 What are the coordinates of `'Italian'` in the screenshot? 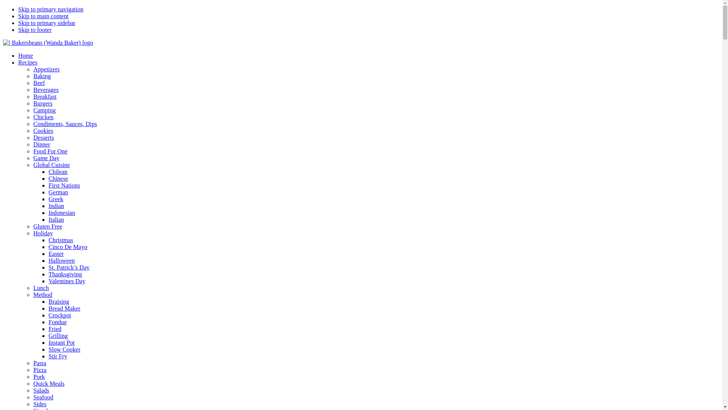 It's located at (56, 219).